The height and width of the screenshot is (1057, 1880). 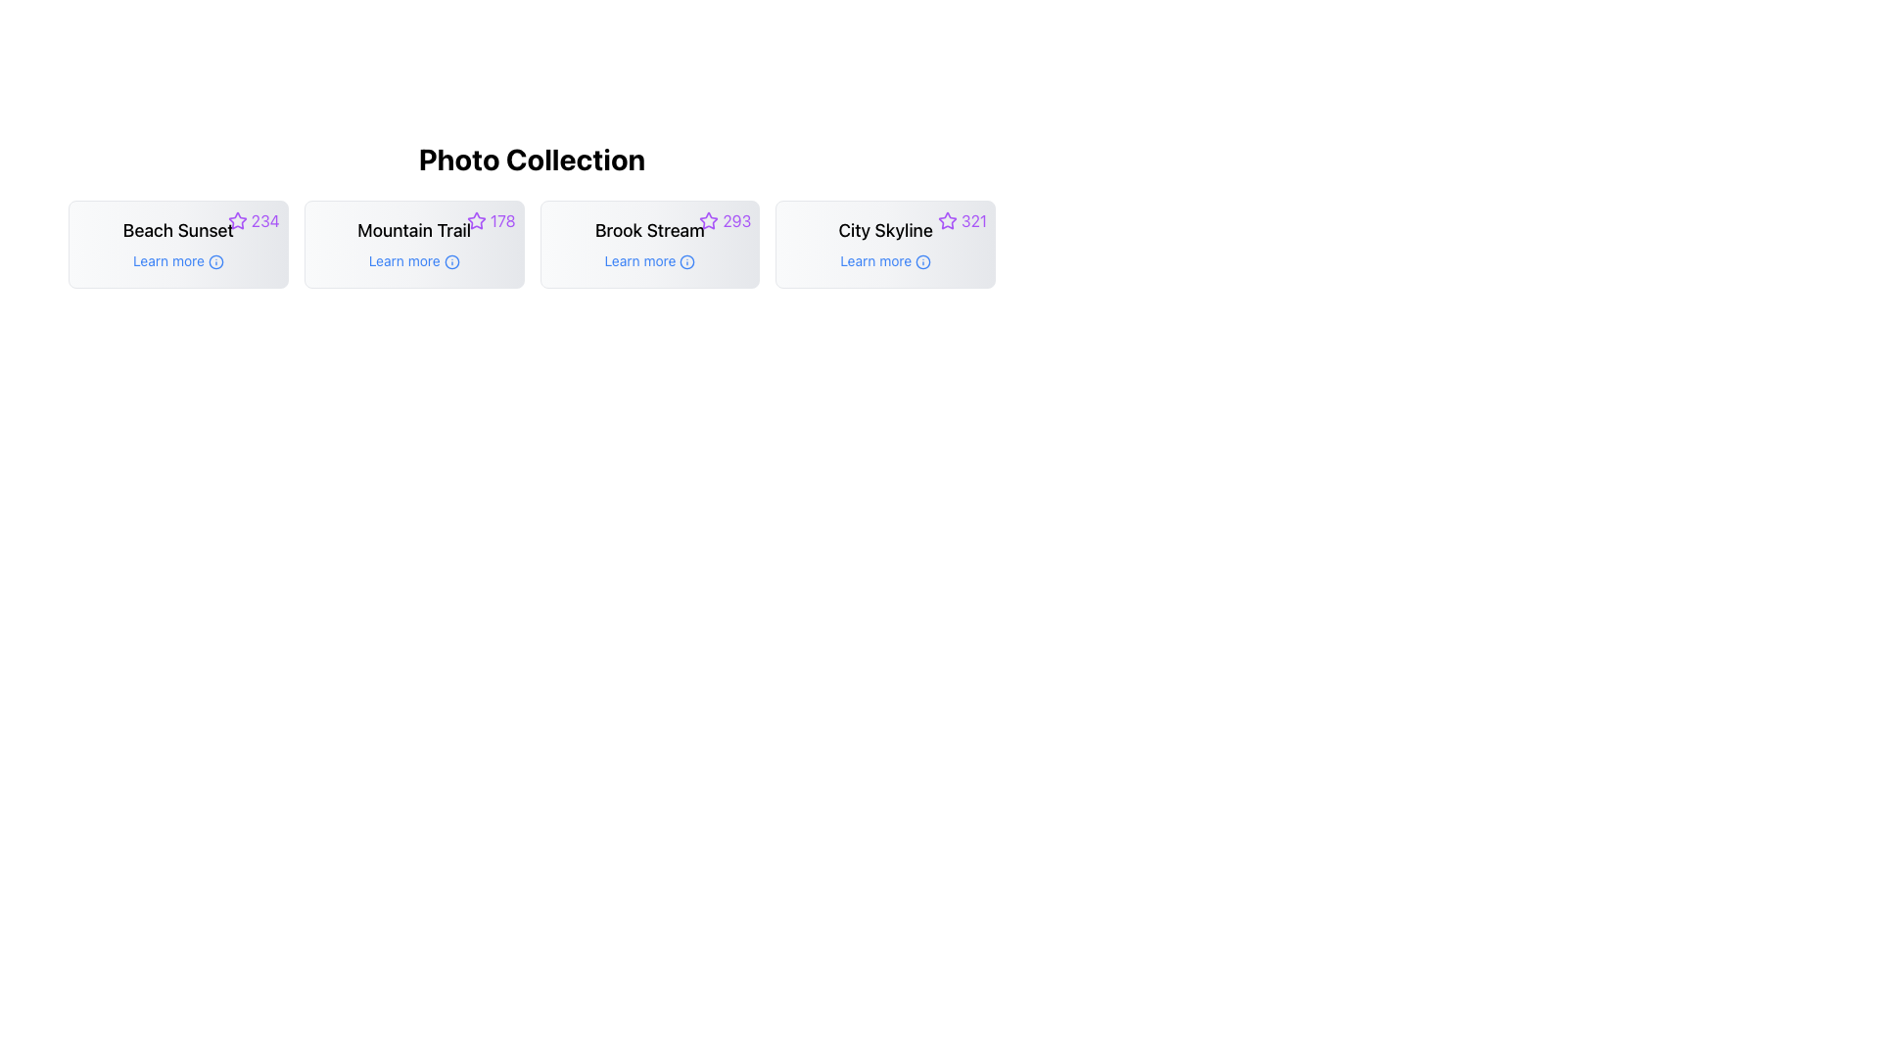 I want to click on the 'Learn more' button located on the 'Mountain Trail' Interactive Card, which is the second card in the 'Photo Collection' grid layout, so click(x=413, y=244).